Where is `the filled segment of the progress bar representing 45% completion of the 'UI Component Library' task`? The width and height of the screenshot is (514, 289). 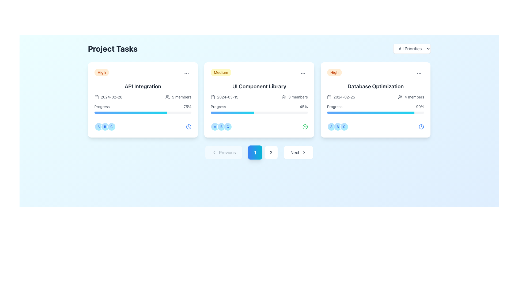 the filled segment of the progress bar representing 45% completion of the 'UI Component Library' task is located at coordinates (232, 112).